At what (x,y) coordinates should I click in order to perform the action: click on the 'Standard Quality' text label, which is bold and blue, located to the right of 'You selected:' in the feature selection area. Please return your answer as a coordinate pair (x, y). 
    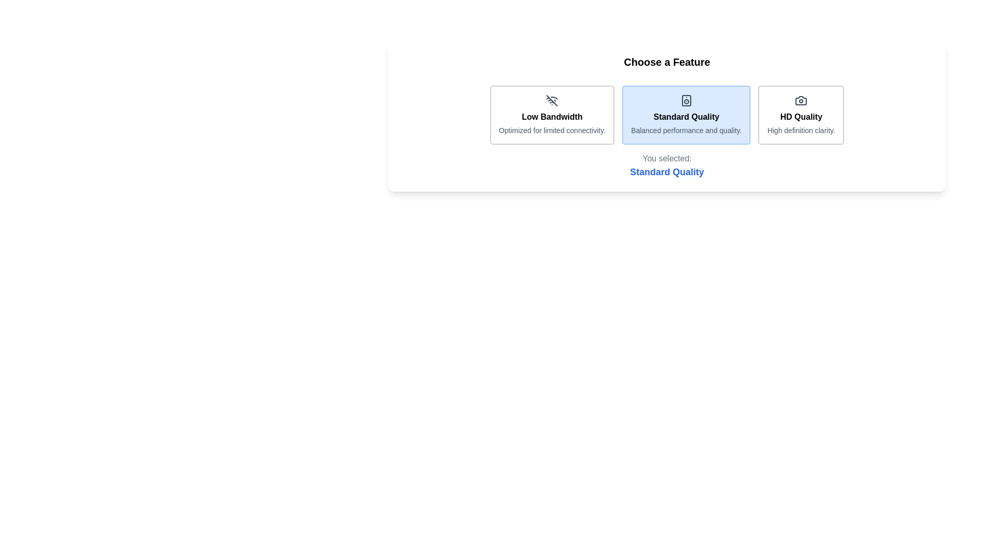
    Looking at the image, I should click on (667, 172).